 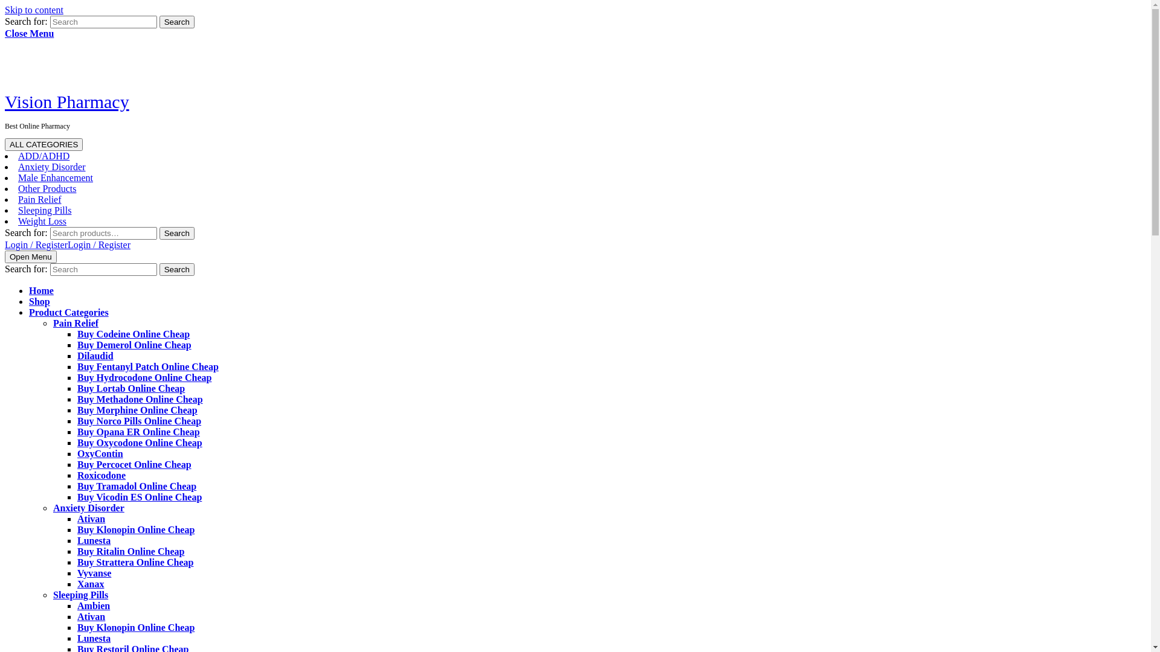 What do you see at coordinates (138, 431) in the screenshot?
I see `'Buy Opana ER Online Cheap'` at bounding box center [138, 431].